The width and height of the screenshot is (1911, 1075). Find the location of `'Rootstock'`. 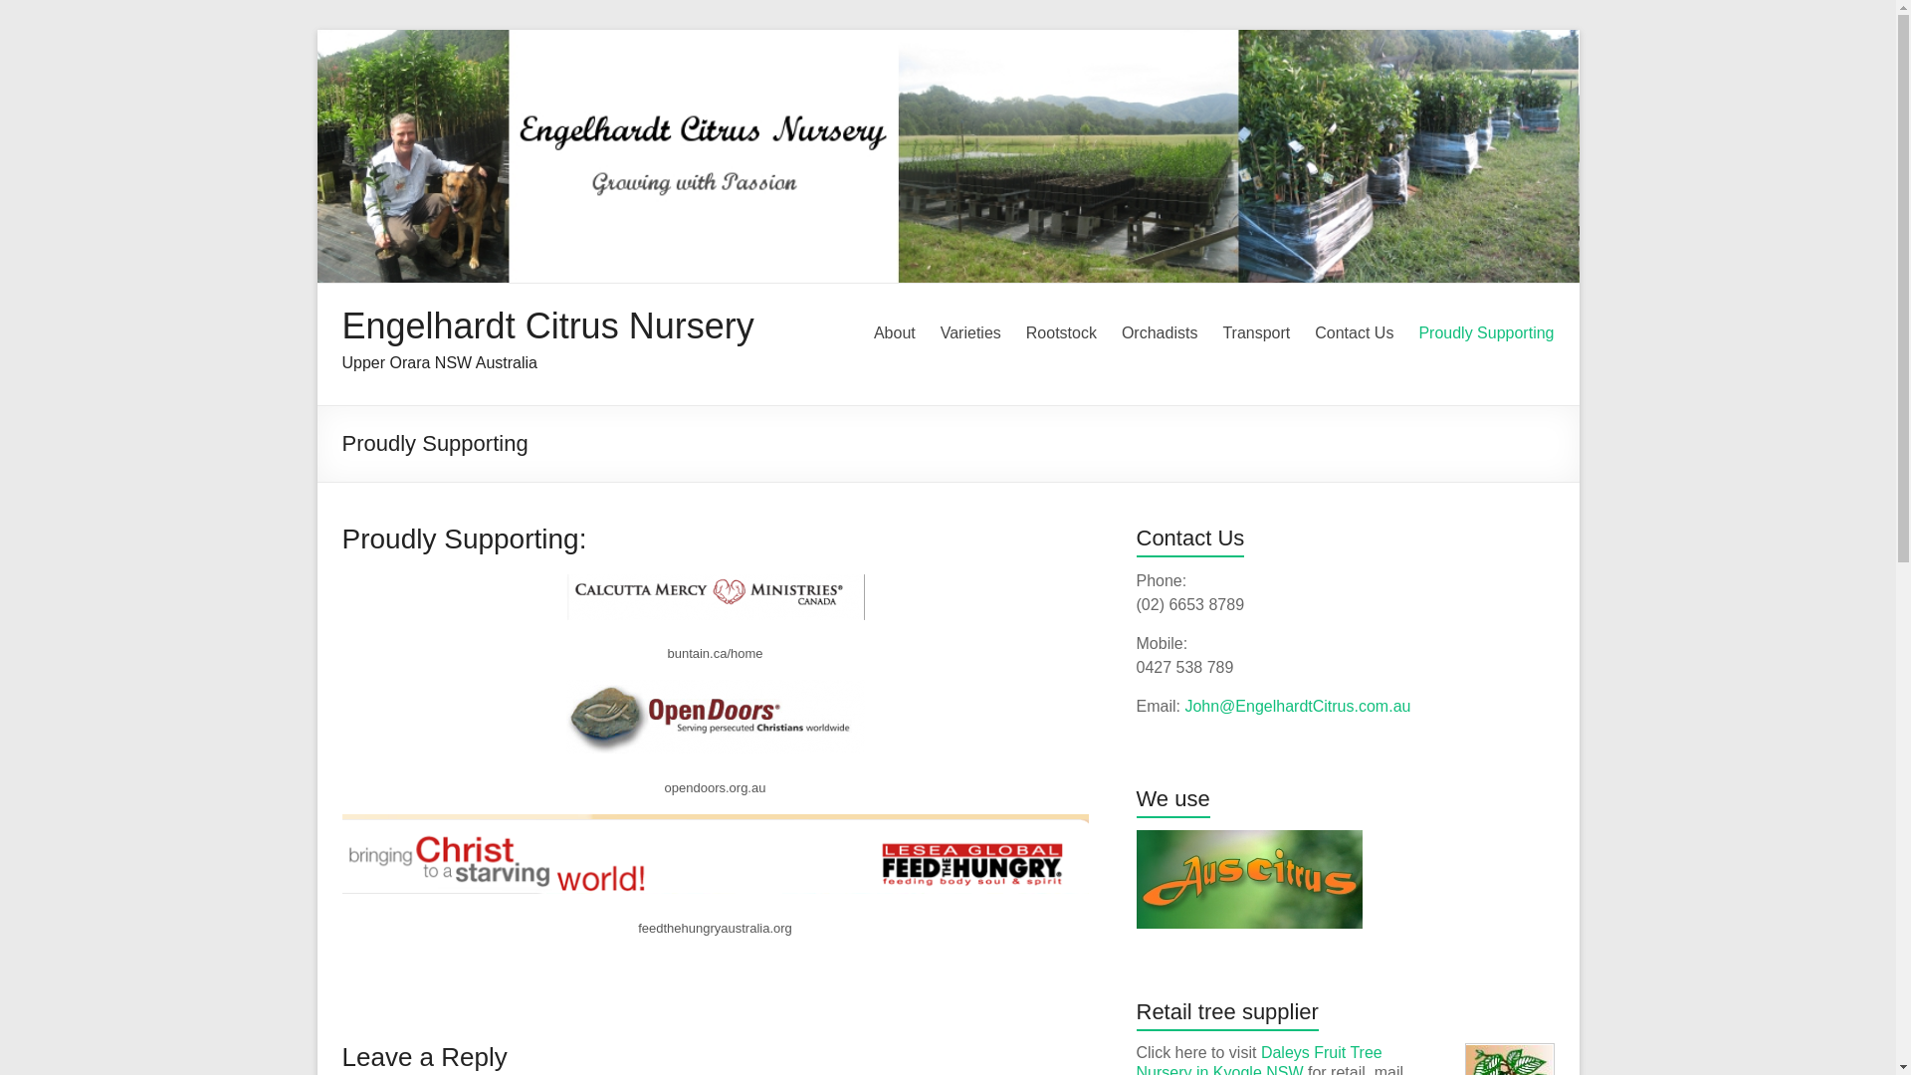

'Rootstock' is located at coordinates (1060, 332).